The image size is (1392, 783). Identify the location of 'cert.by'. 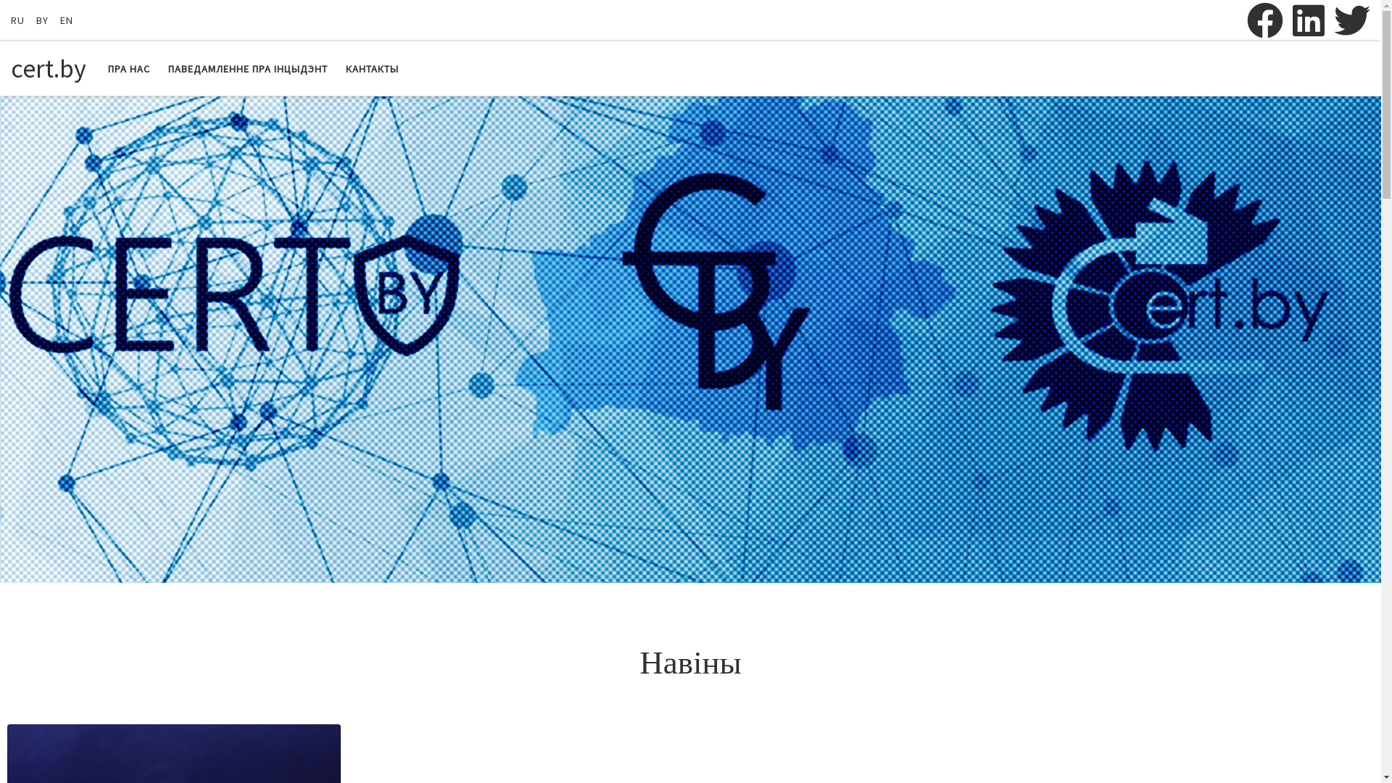
(49, 69).